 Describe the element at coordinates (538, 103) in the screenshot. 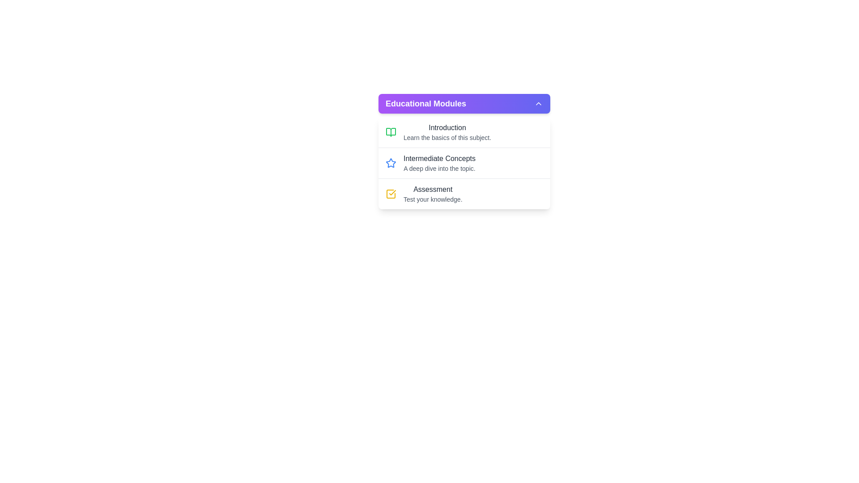

I see `the chevron icon button located in the rightmost section of the purple header labeled 'Educational Modules'` at that location.